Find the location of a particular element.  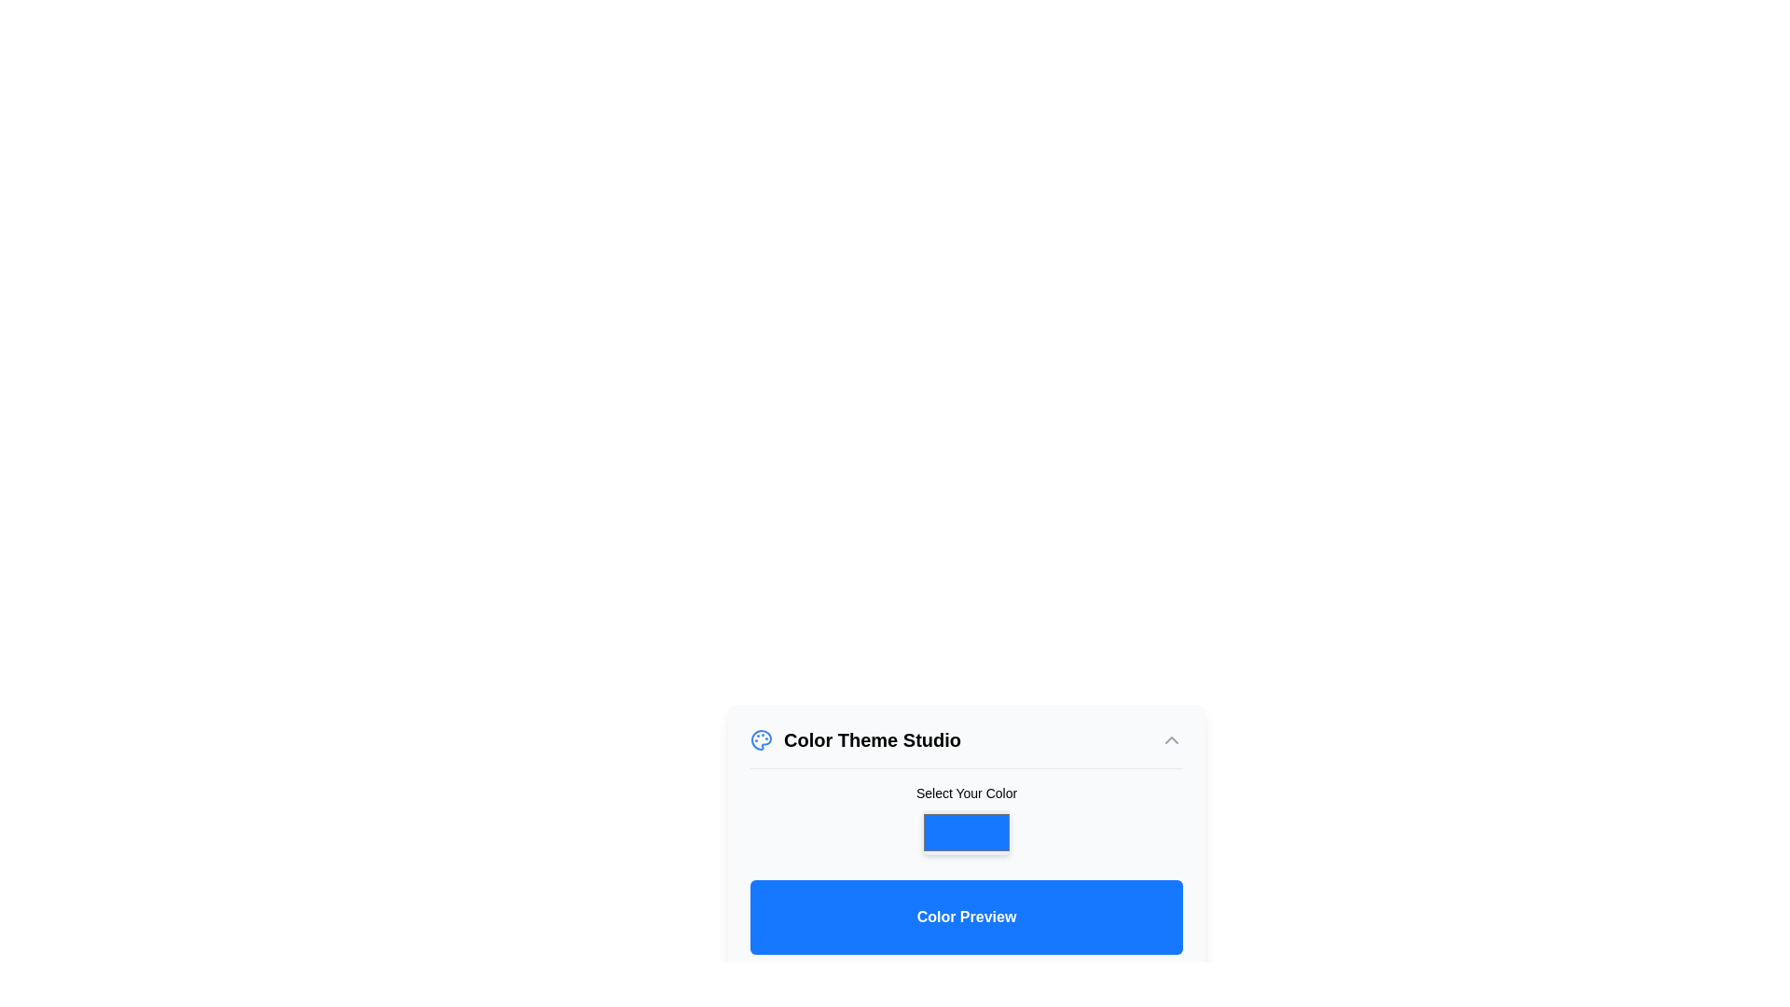

text content of the Text Label that serves as a heading near the painter's palette icon in the interface section is located at coordinates (872, 739).